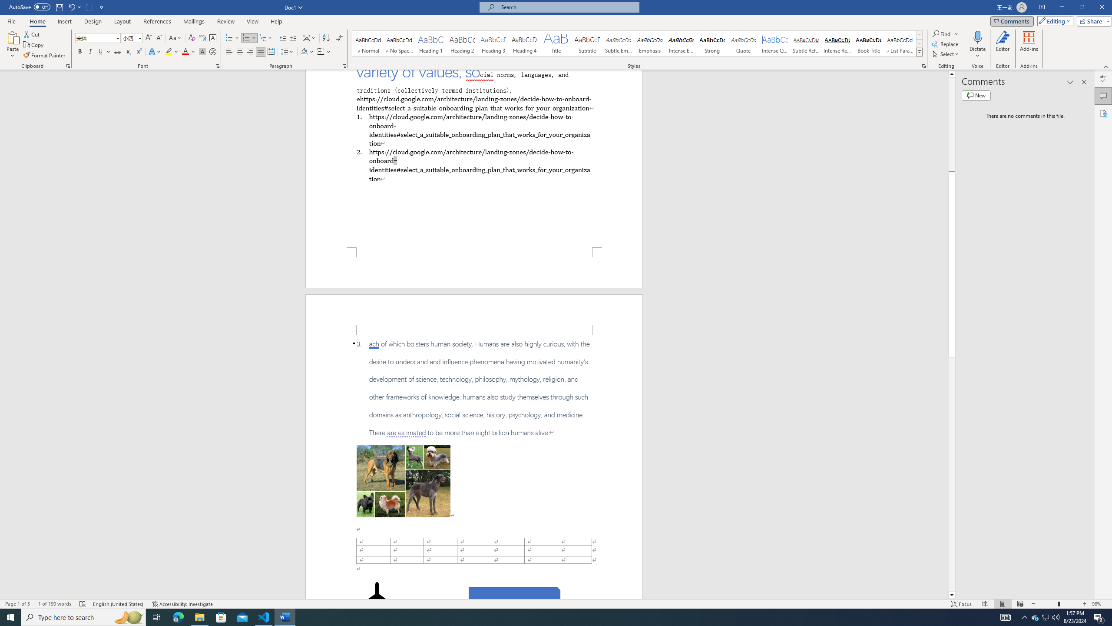 Image resolution: width=1112 pixels, height=626 pixels. Describe the element at coordinates (118, 604) in the screenshot. I see `'Language English (United States)'` at that location.